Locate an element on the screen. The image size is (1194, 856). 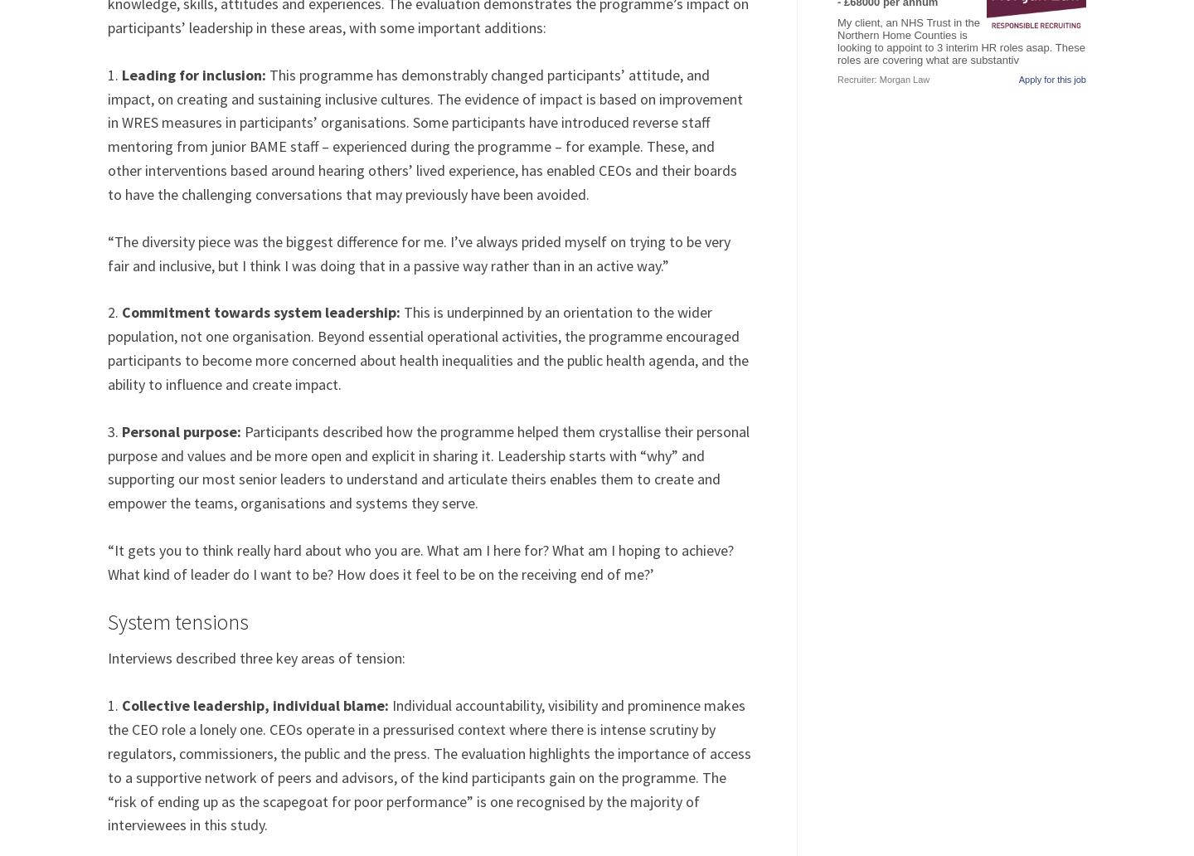
'“It gets you to think really hard about who you are. What am I here for? What am I hoping to achieve? What kind of leader do I want to be? How does it feel to be on the receiving end of me?’' is located at coordinates (420, 560).